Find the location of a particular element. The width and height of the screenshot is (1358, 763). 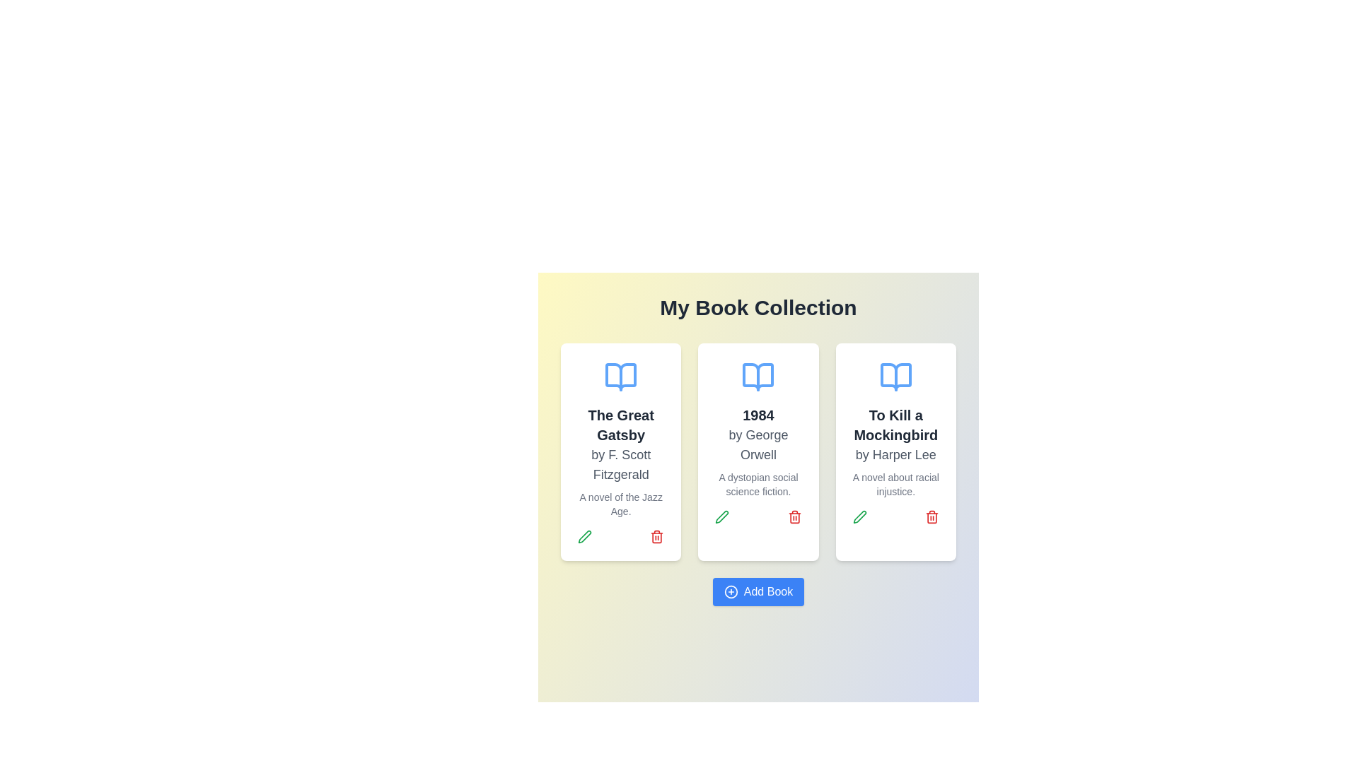

the descriptive text label located in the third book card, beneath the title 'To Kill a Mockingbird' and above the interactive options is located at coordinates (895, 484).